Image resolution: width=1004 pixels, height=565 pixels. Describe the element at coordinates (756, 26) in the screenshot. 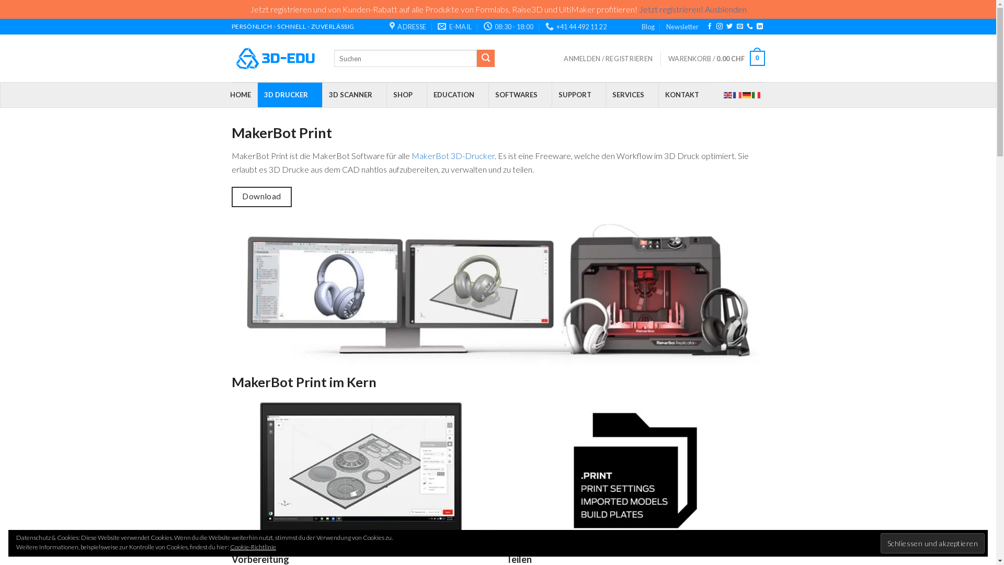

I see `'Auf Linkedin folgen'` at that location.